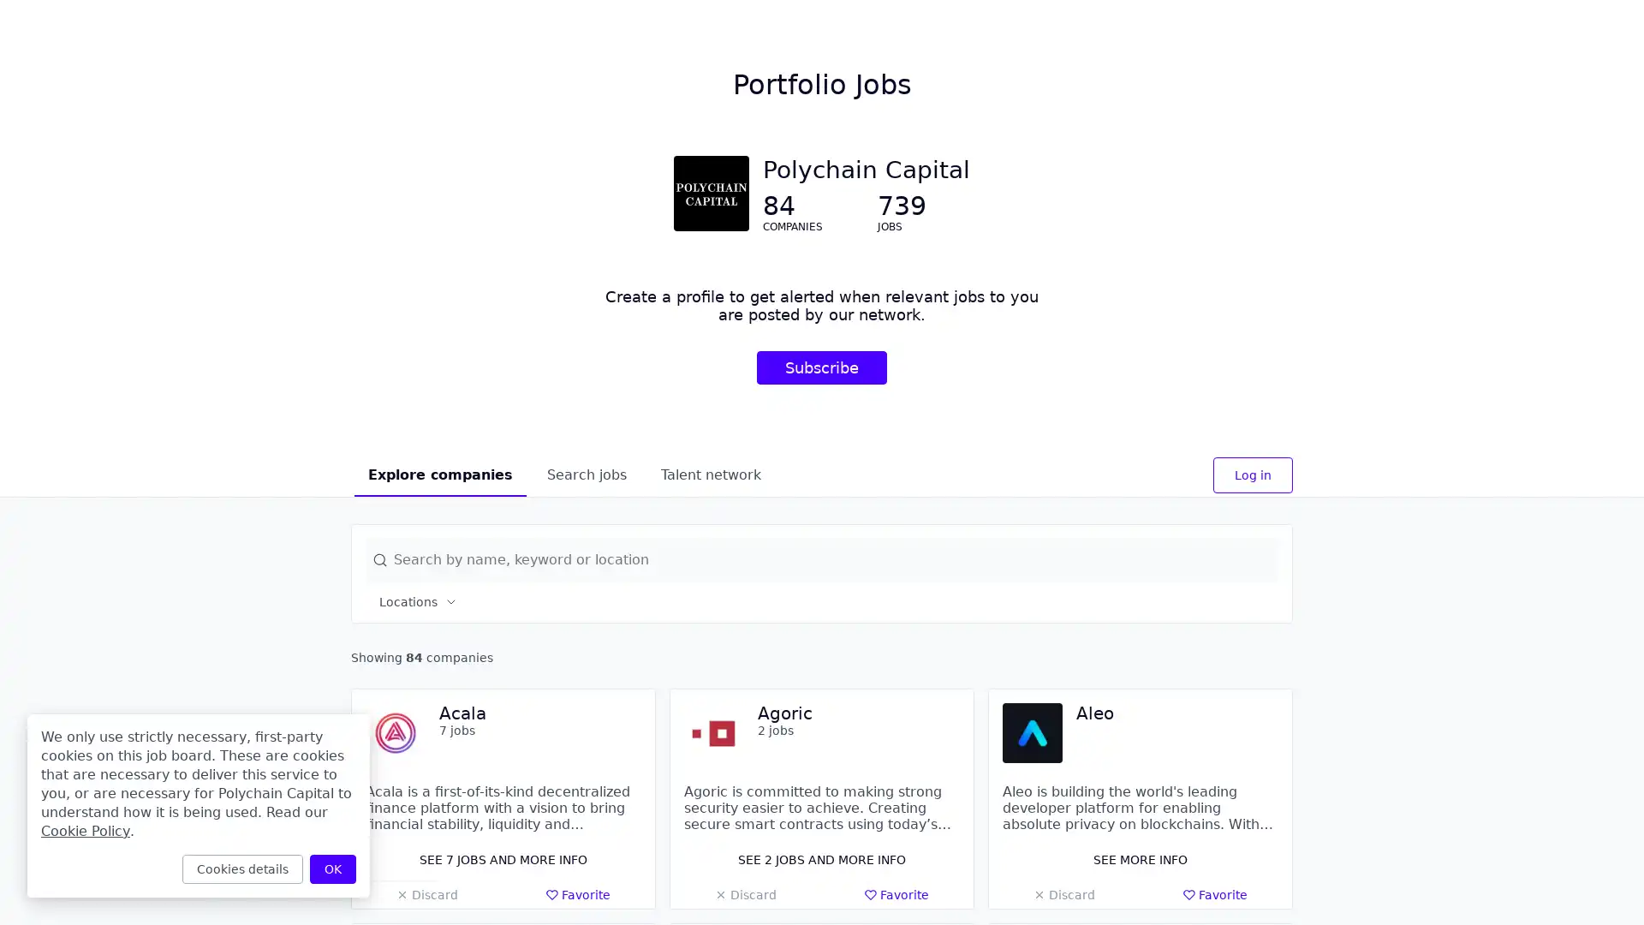  What do you see at coordinates (896, 894) in the screenshot?
I see `Favorite` at bounding box center [896, 894].